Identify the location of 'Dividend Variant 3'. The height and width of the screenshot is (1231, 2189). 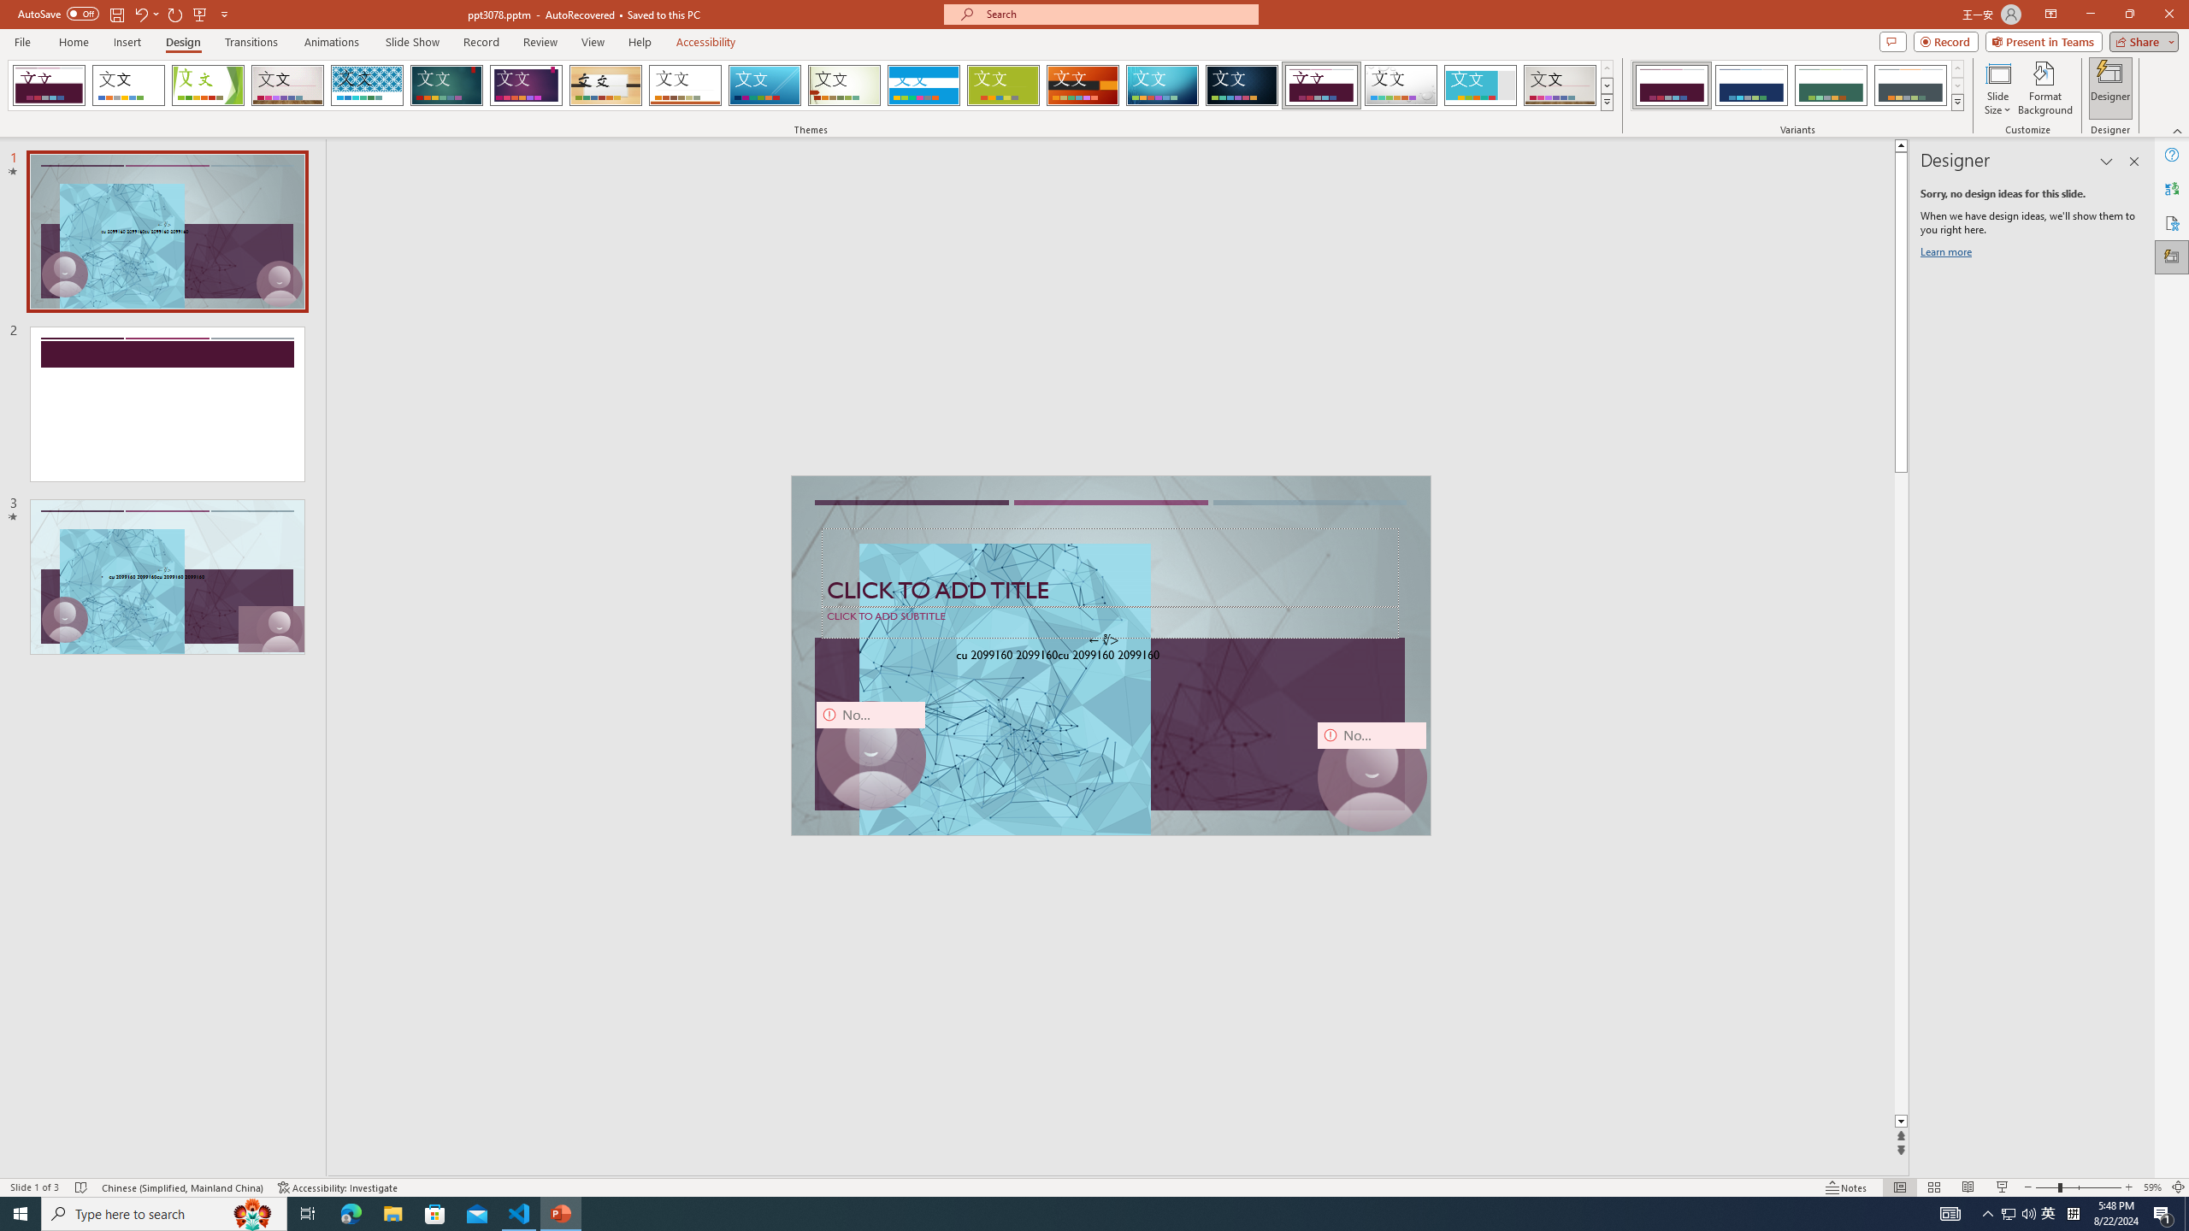
(1830, 85).